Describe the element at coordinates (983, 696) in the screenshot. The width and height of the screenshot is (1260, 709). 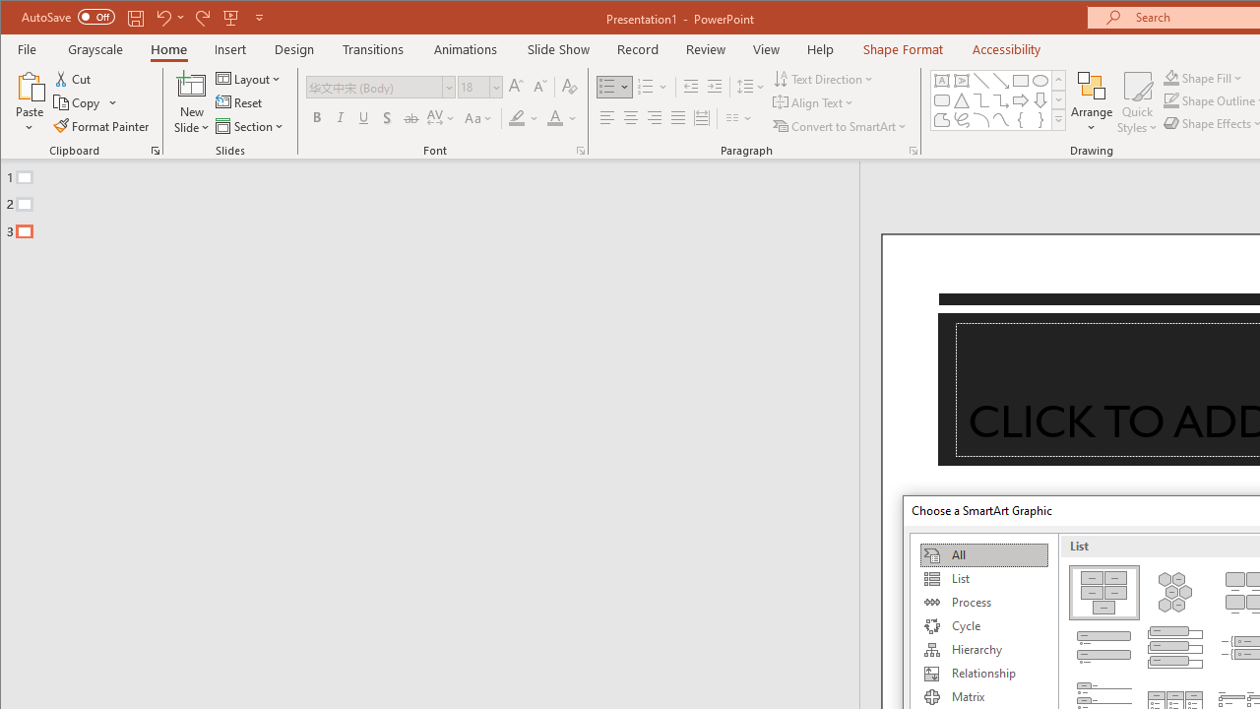
I see `'Matrix'` at that location.